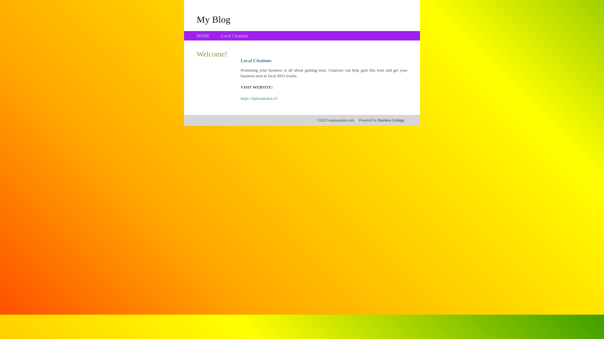 The width and height of the screenshot is (604, 339). Describe the element at coordinates (221, 36) in the screenshot. I see `'Local Citations'` at that location.